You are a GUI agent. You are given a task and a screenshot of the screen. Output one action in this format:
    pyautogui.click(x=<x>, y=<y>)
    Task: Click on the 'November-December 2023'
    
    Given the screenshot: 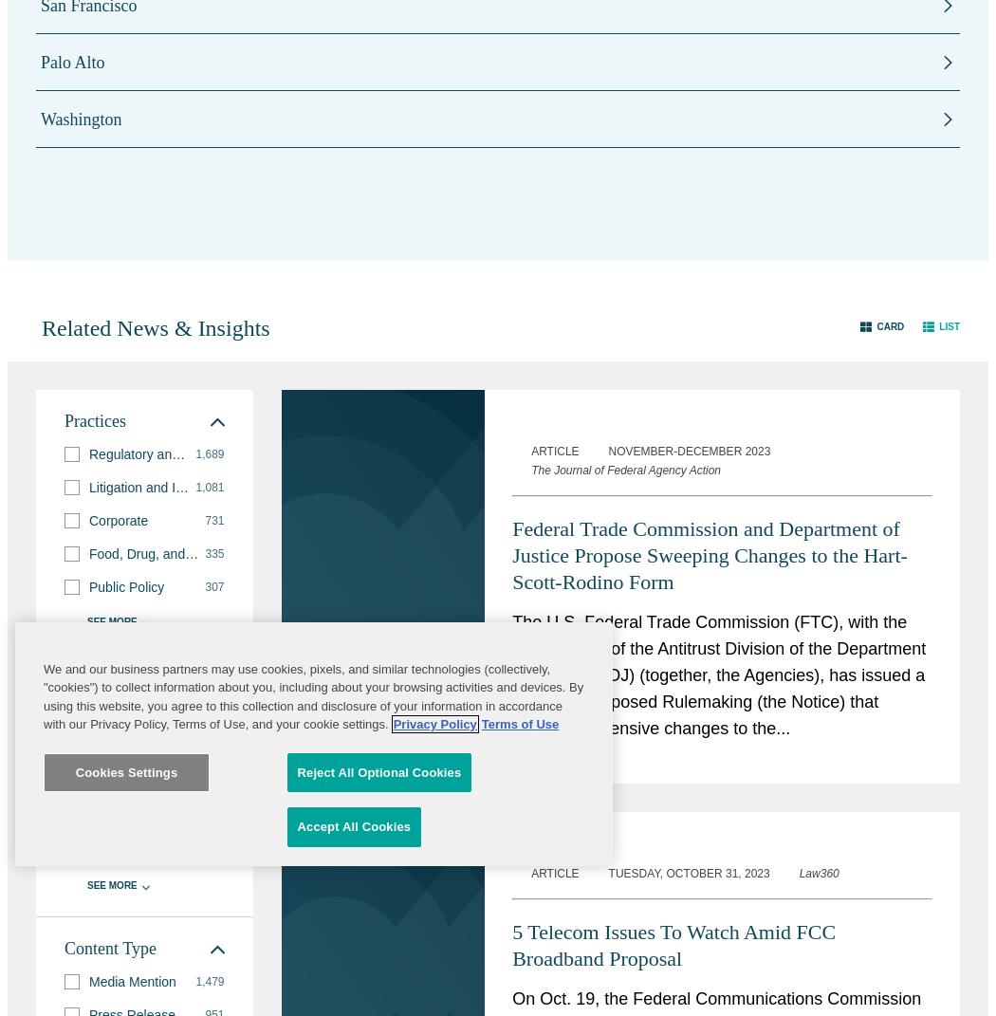 What is the action you would take?
    pyautogui.click(x=688, y=450)
    